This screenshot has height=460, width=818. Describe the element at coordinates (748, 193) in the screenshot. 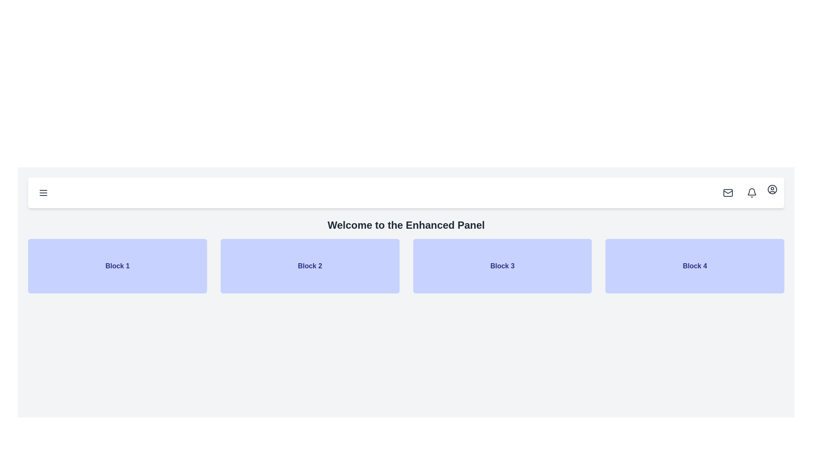

I see `the rounded bell icon button located in the top navigation bar` at that location.